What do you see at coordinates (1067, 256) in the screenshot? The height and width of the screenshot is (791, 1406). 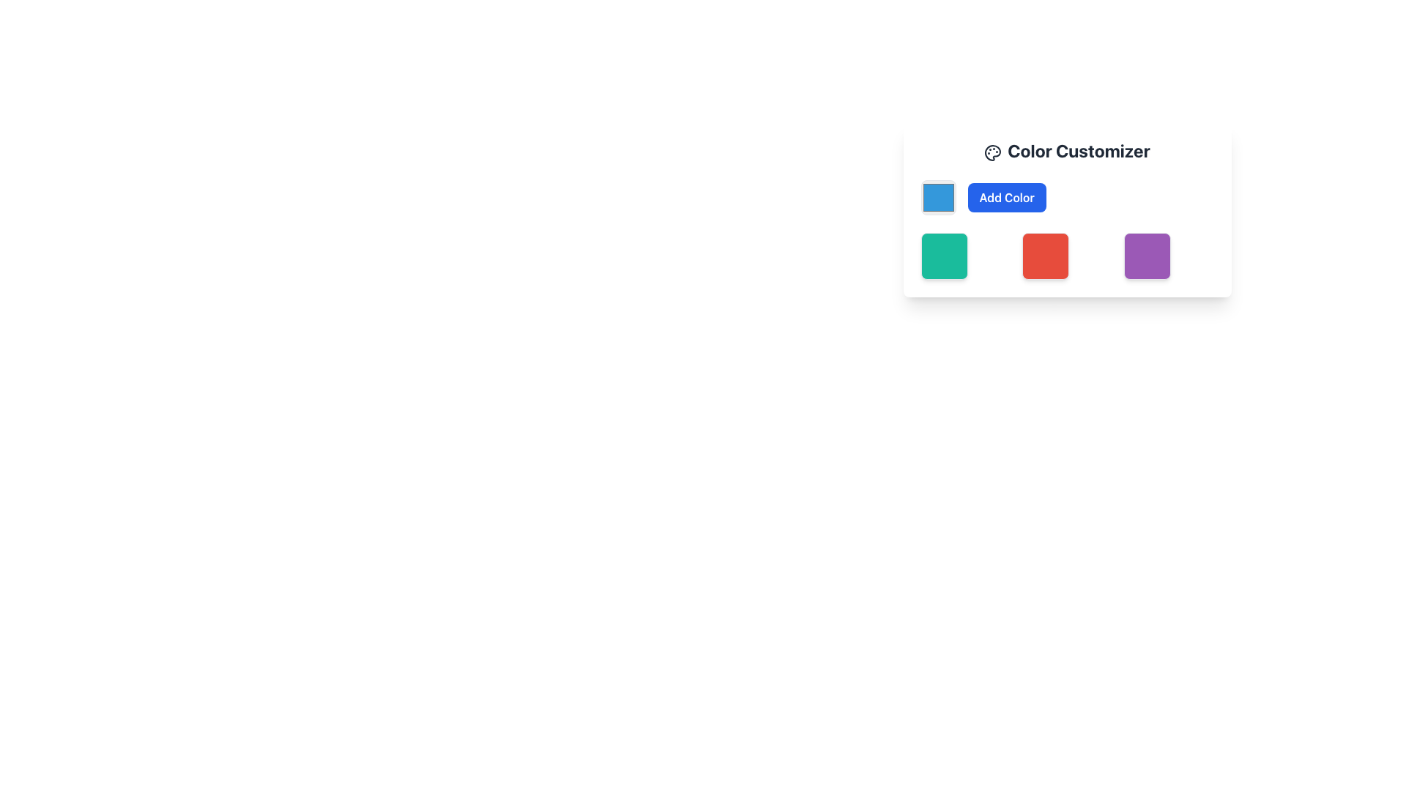 I see `the red colored square element in the color customization interface` at bounding box center [1067, 256].